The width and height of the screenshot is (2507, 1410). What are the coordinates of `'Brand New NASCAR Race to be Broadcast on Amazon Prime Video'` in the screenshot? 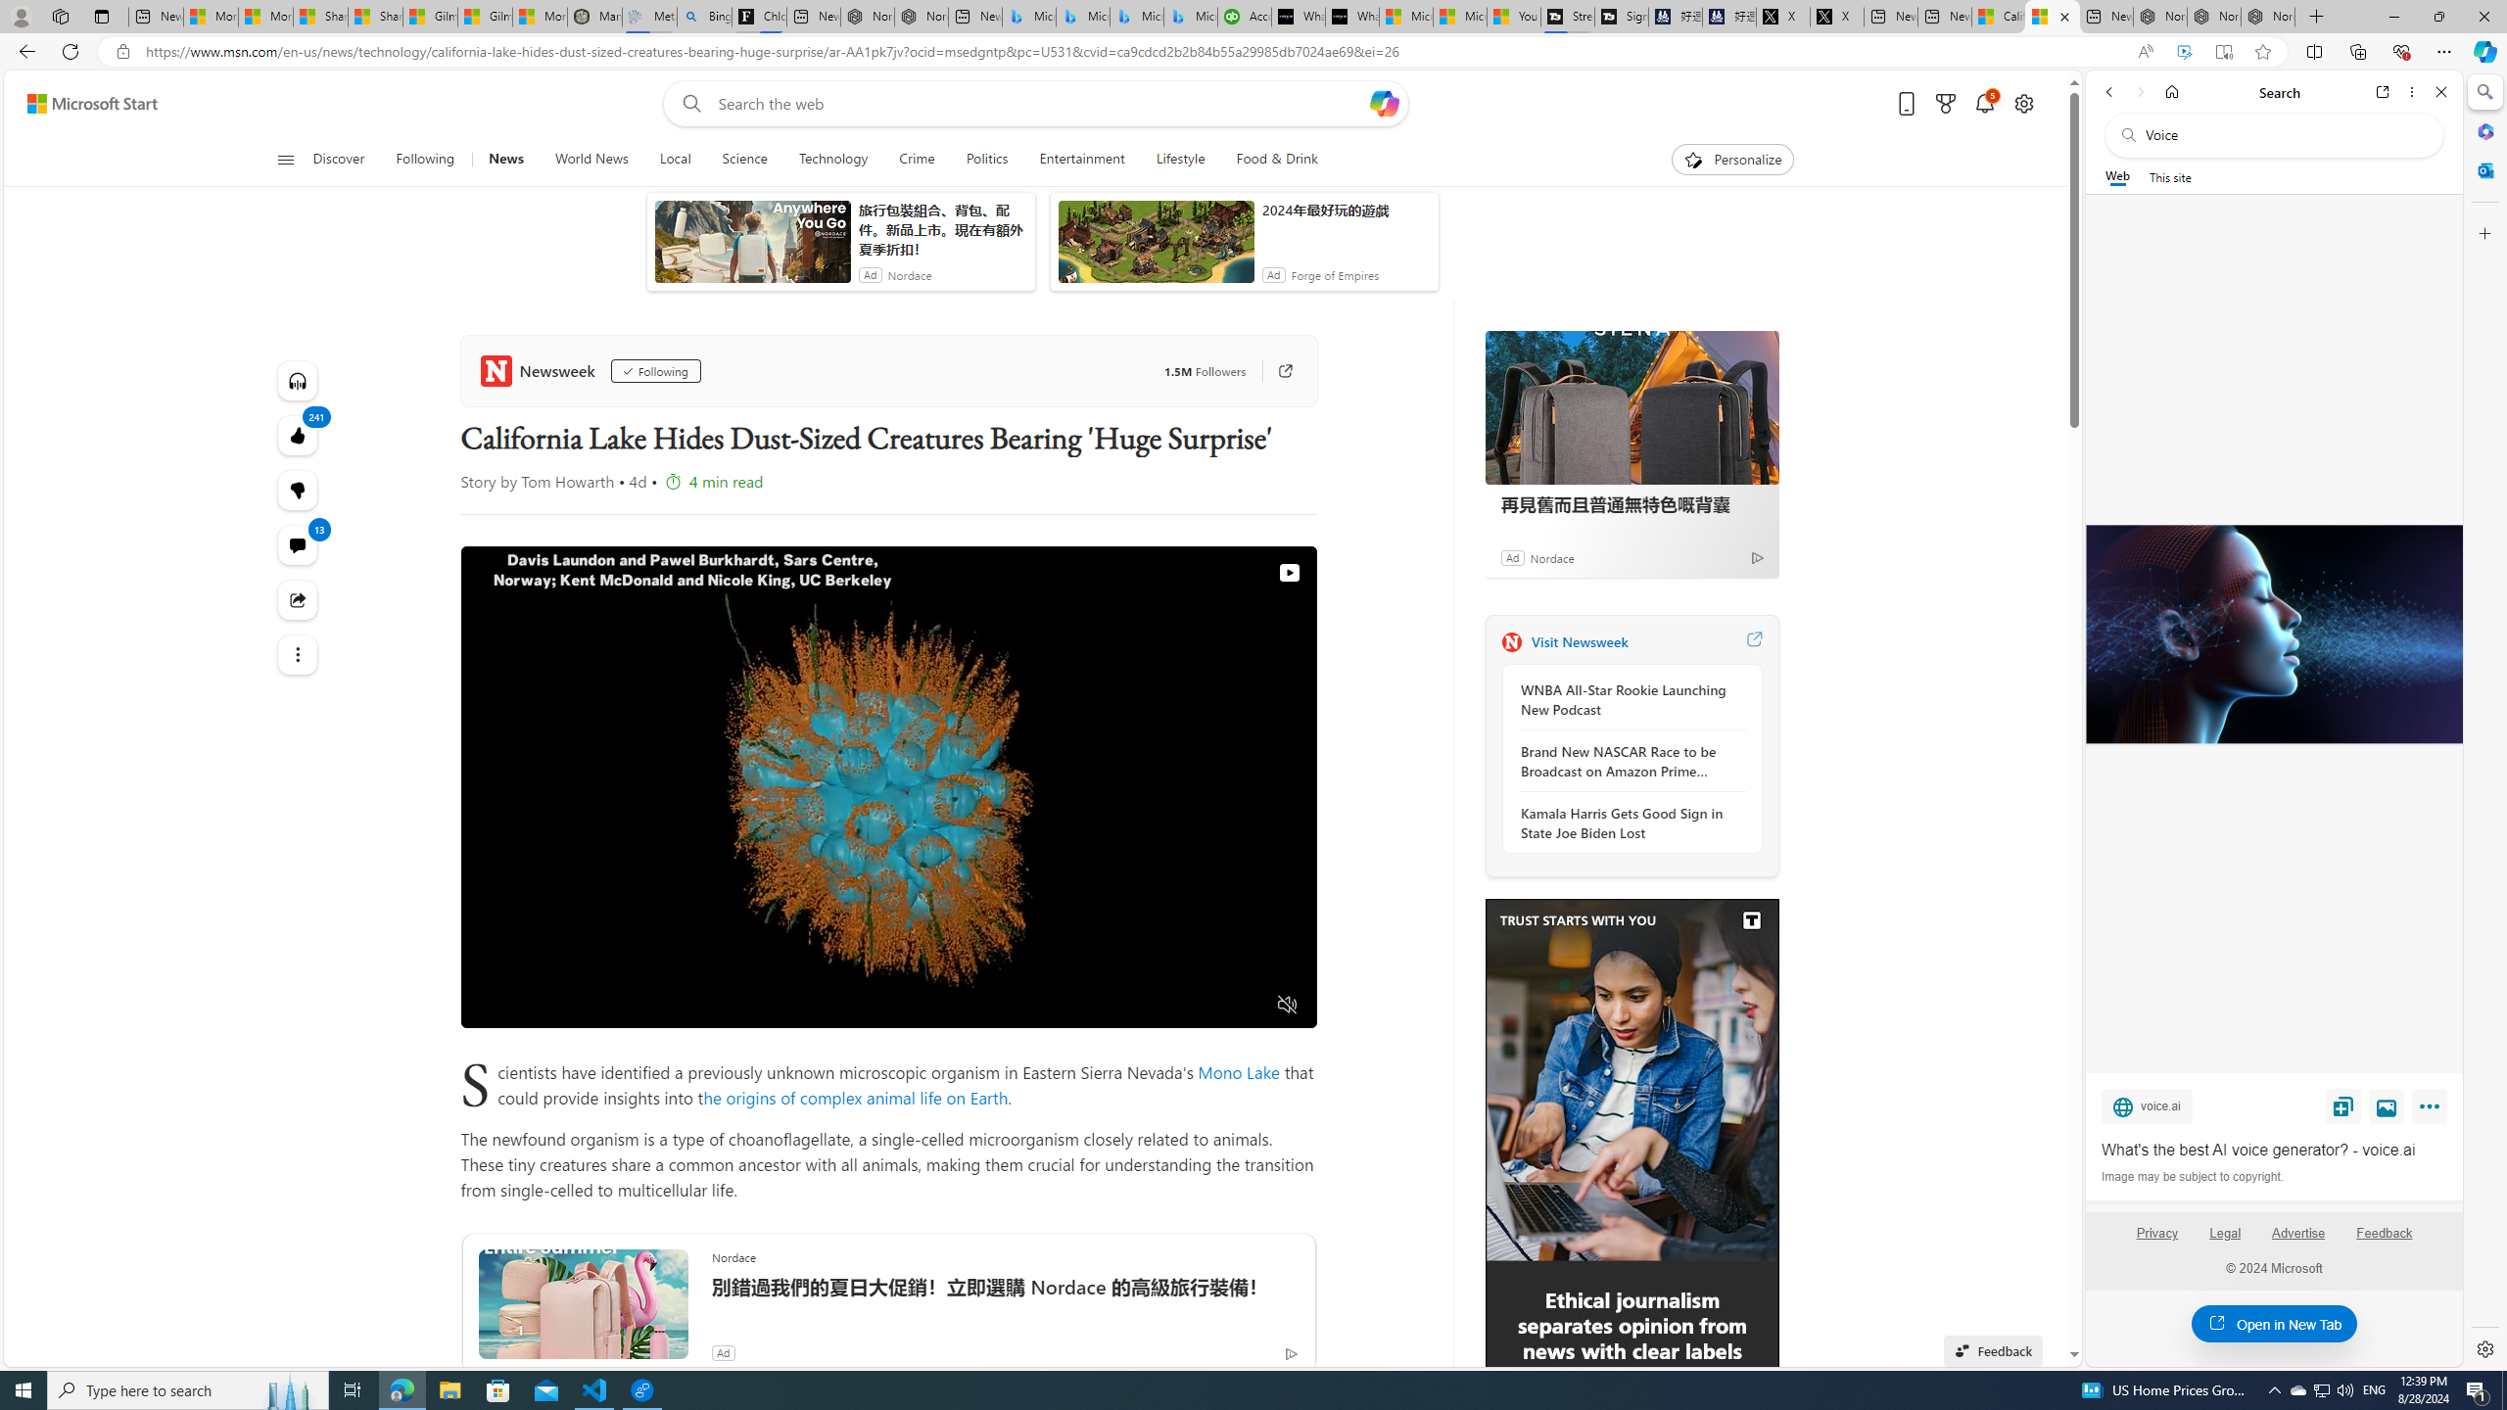 It's located at (1626, 761).